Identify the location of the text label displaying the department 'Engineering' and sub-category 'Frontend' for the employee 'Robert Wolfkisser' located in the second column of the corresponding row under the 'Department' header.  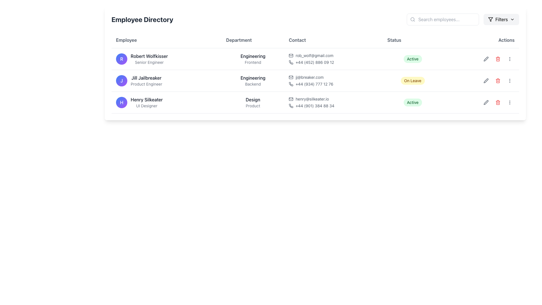
(253, 59).